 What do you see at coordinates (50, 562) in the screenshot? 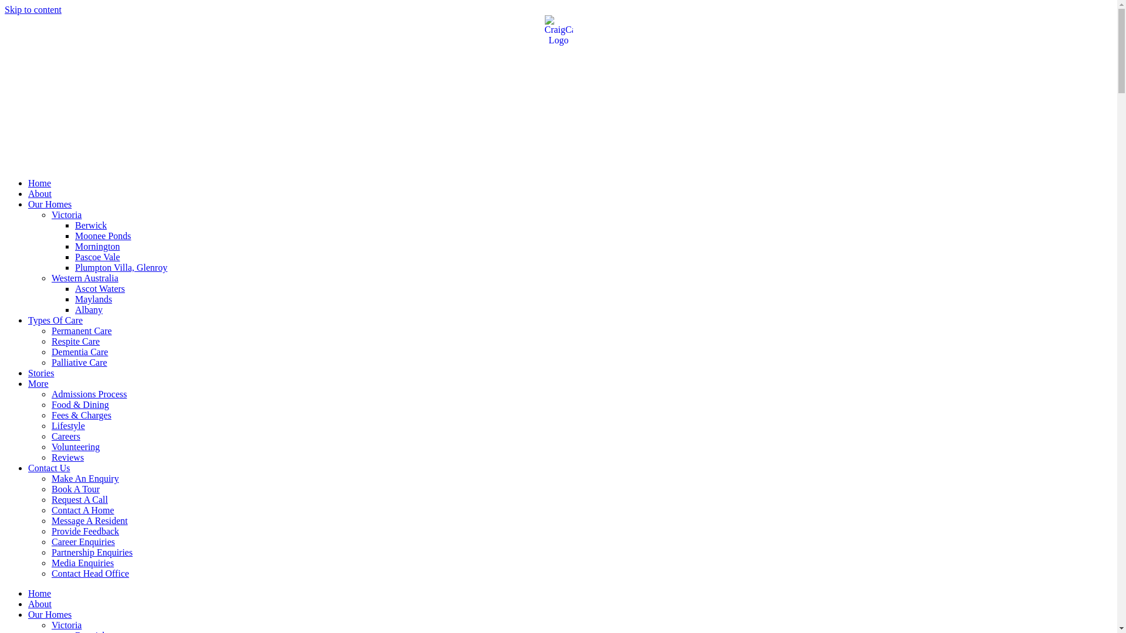
I see `'Media Enquiries'` at bounding box center [50, 562].